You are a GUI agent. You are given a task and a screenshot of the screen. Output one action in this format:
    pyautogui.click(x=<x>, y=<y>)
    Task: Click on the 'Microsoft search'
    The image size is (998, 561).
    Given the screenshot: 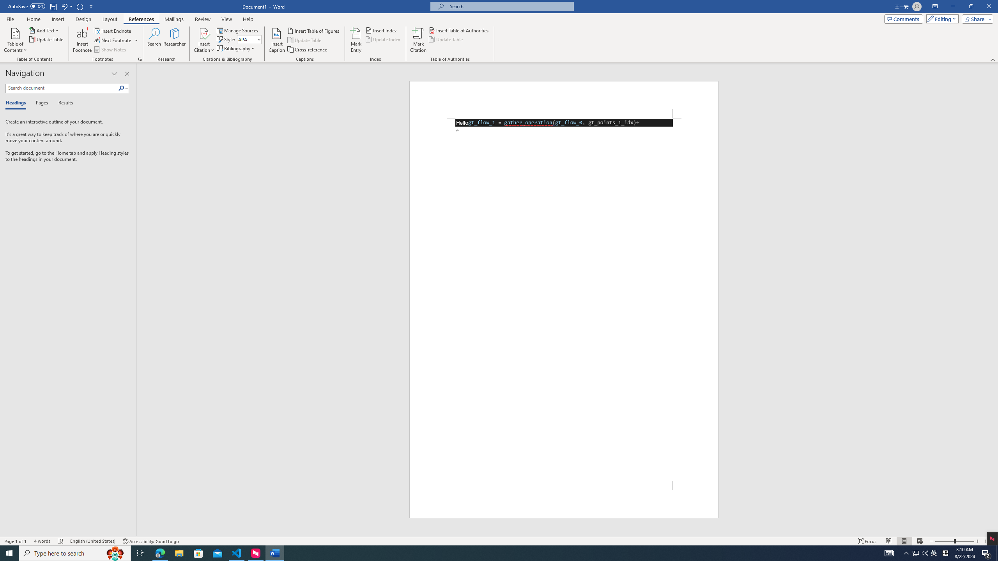 What is the action you would take?
    pyautogui.click(x=508, y=6)
    